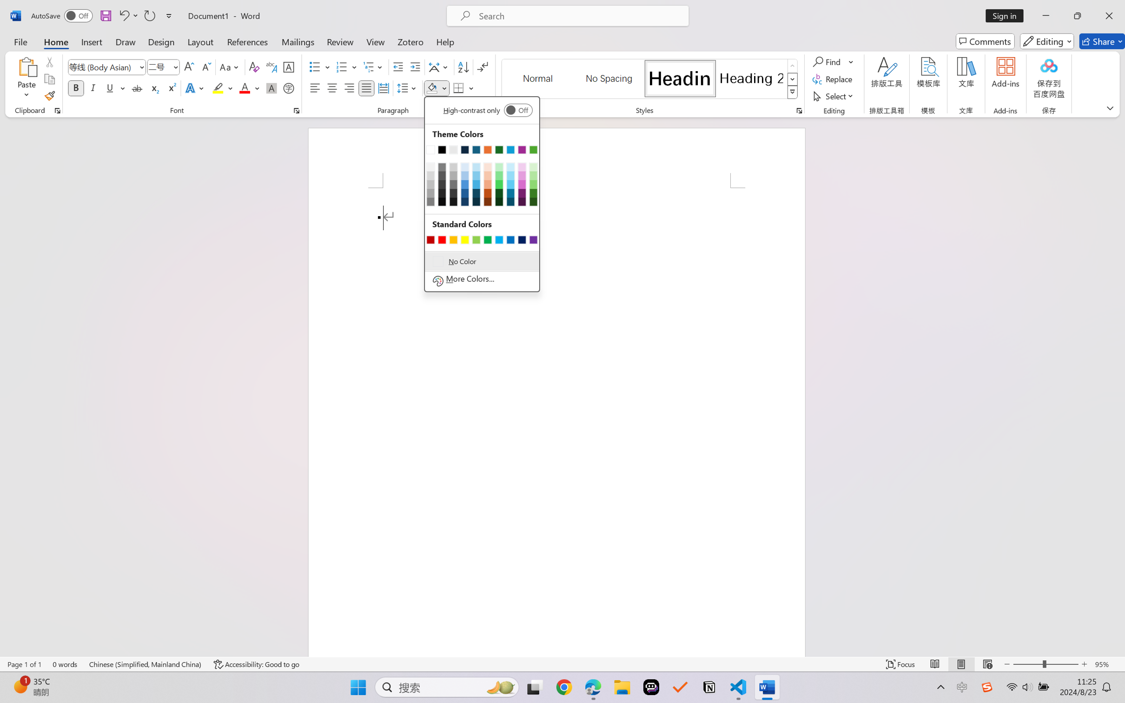 The width and height of the screenshot is (1125, 703). Describe the element at coordinates (564, 687) in the screenshot. I see `'Google Chrome'` at that location.